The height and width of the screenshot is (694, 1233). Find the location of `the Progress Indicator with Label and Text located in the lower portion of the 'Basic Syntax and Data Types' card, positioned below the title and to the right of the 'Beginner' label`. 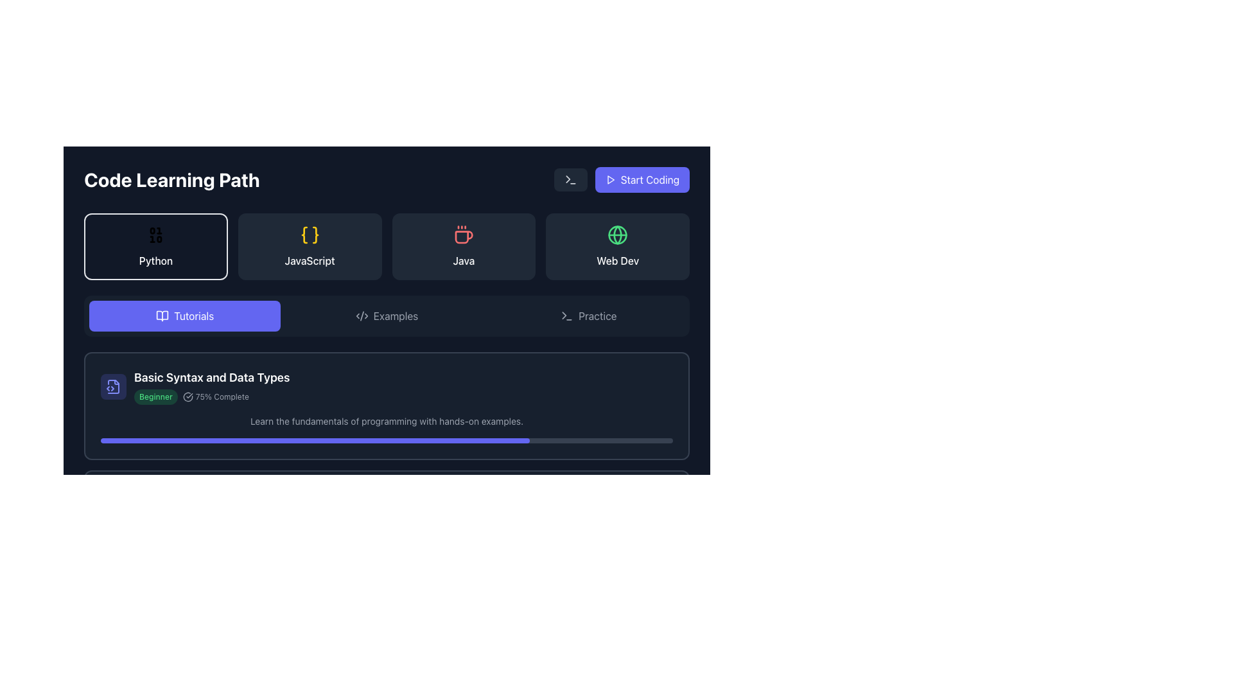

the Progress Indicator with Label and Text located in the lower portion of the 'Basic Syntax and Data Types' card, positioned below the title and to the right of the 'Beginner' label is located at coordinates (212, 396).